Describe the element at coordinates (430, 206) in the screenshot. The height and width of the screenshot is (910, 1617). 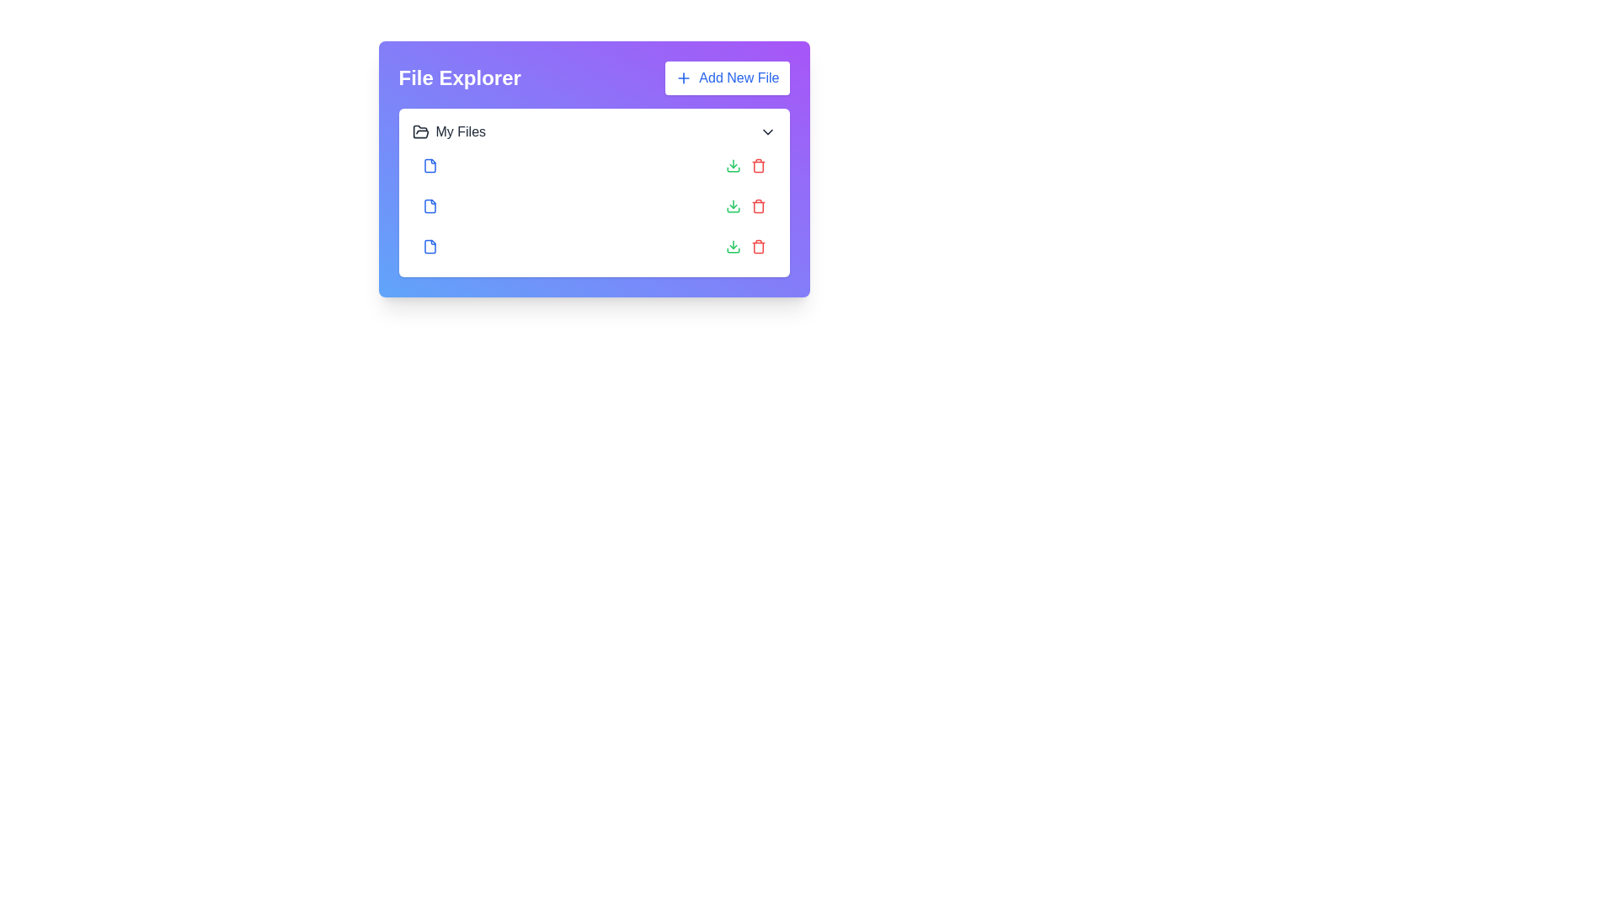
I see `the second file icon` at that location.